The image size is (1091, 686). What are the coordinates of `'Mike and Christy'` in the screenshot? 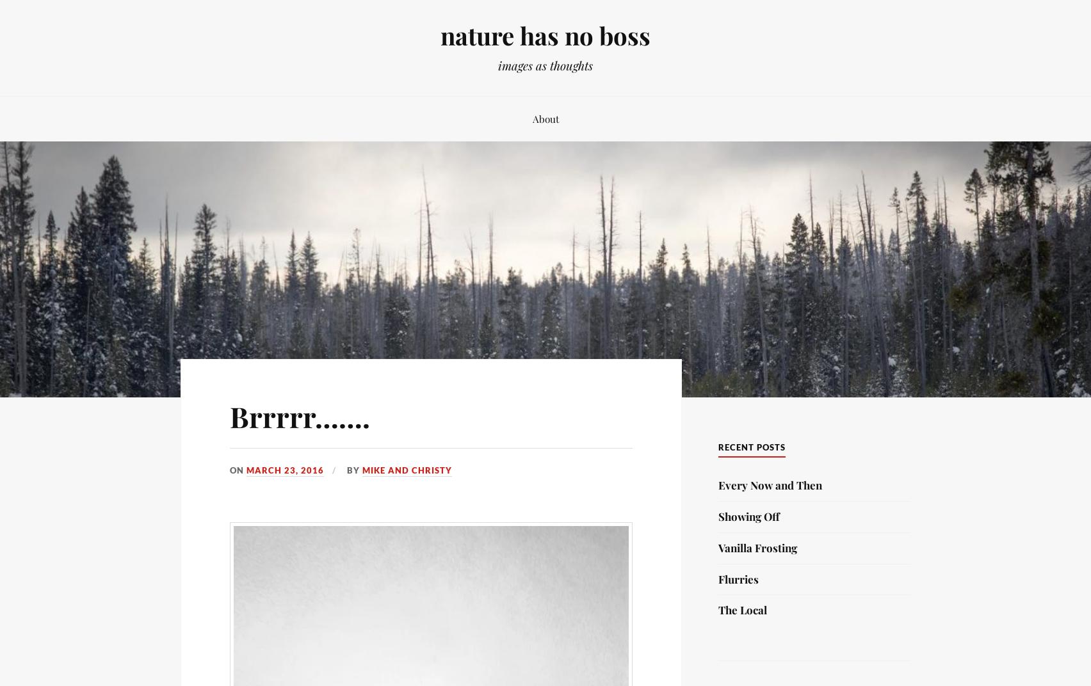 It's located at (407, 468).